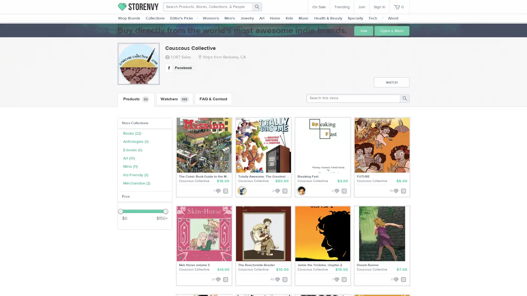 This screenshot has height=296, width=527. I want to click on Search, so click(257, 7).